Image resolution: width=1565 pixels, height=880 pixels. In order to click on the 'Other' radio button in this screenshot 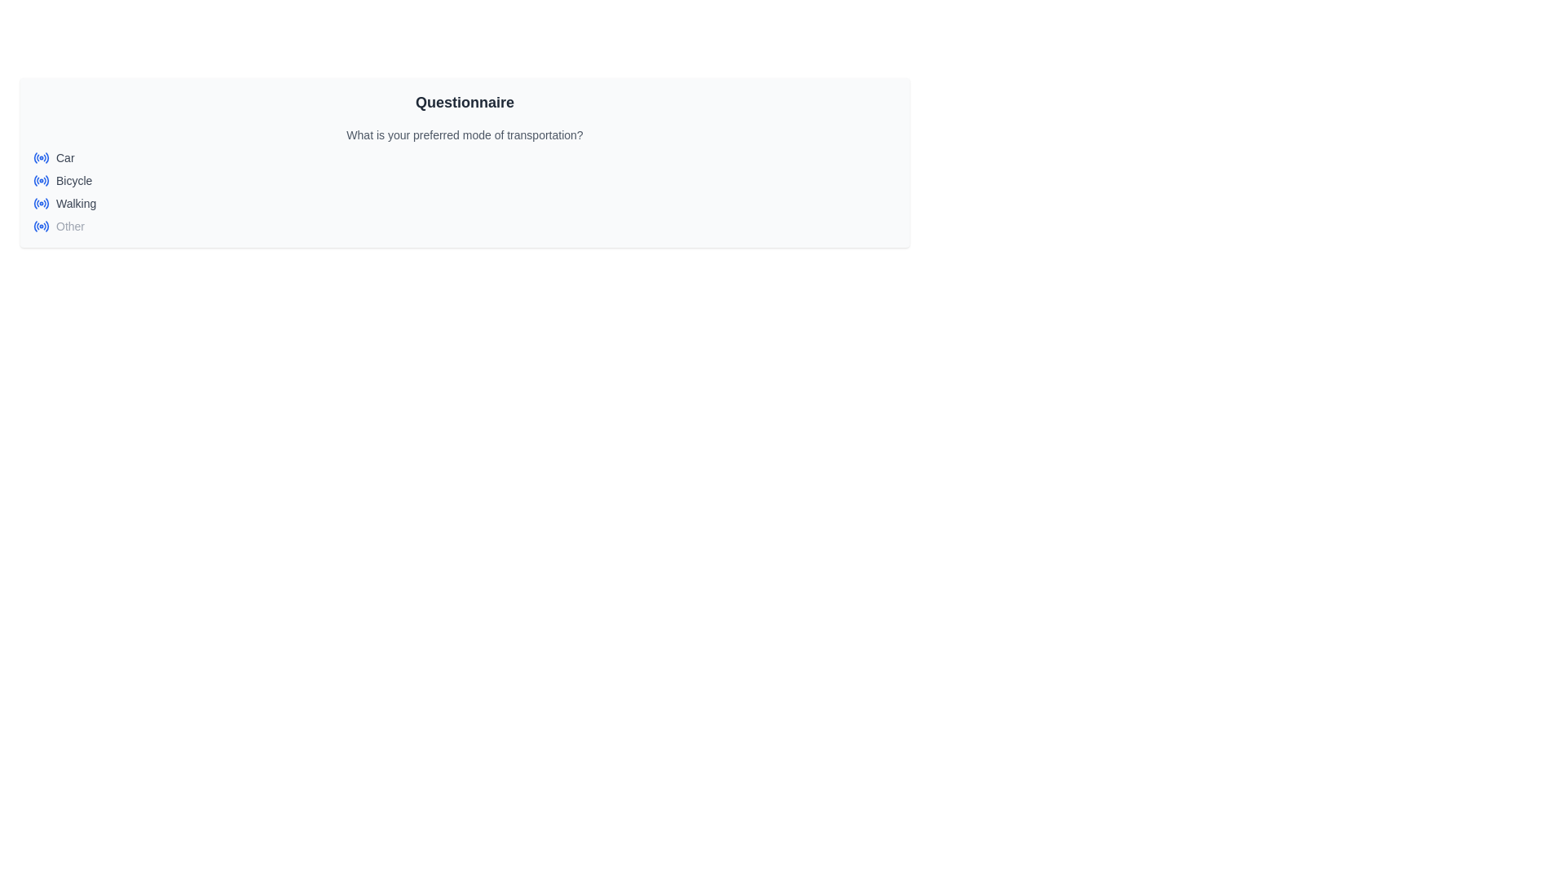, I will do `click(42, 226)`.